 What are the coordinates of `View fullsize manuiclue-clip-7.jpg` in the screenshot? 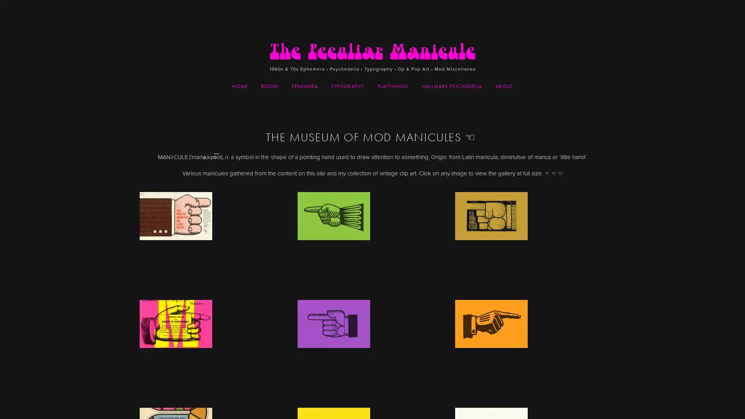 It's located at (372, 241).